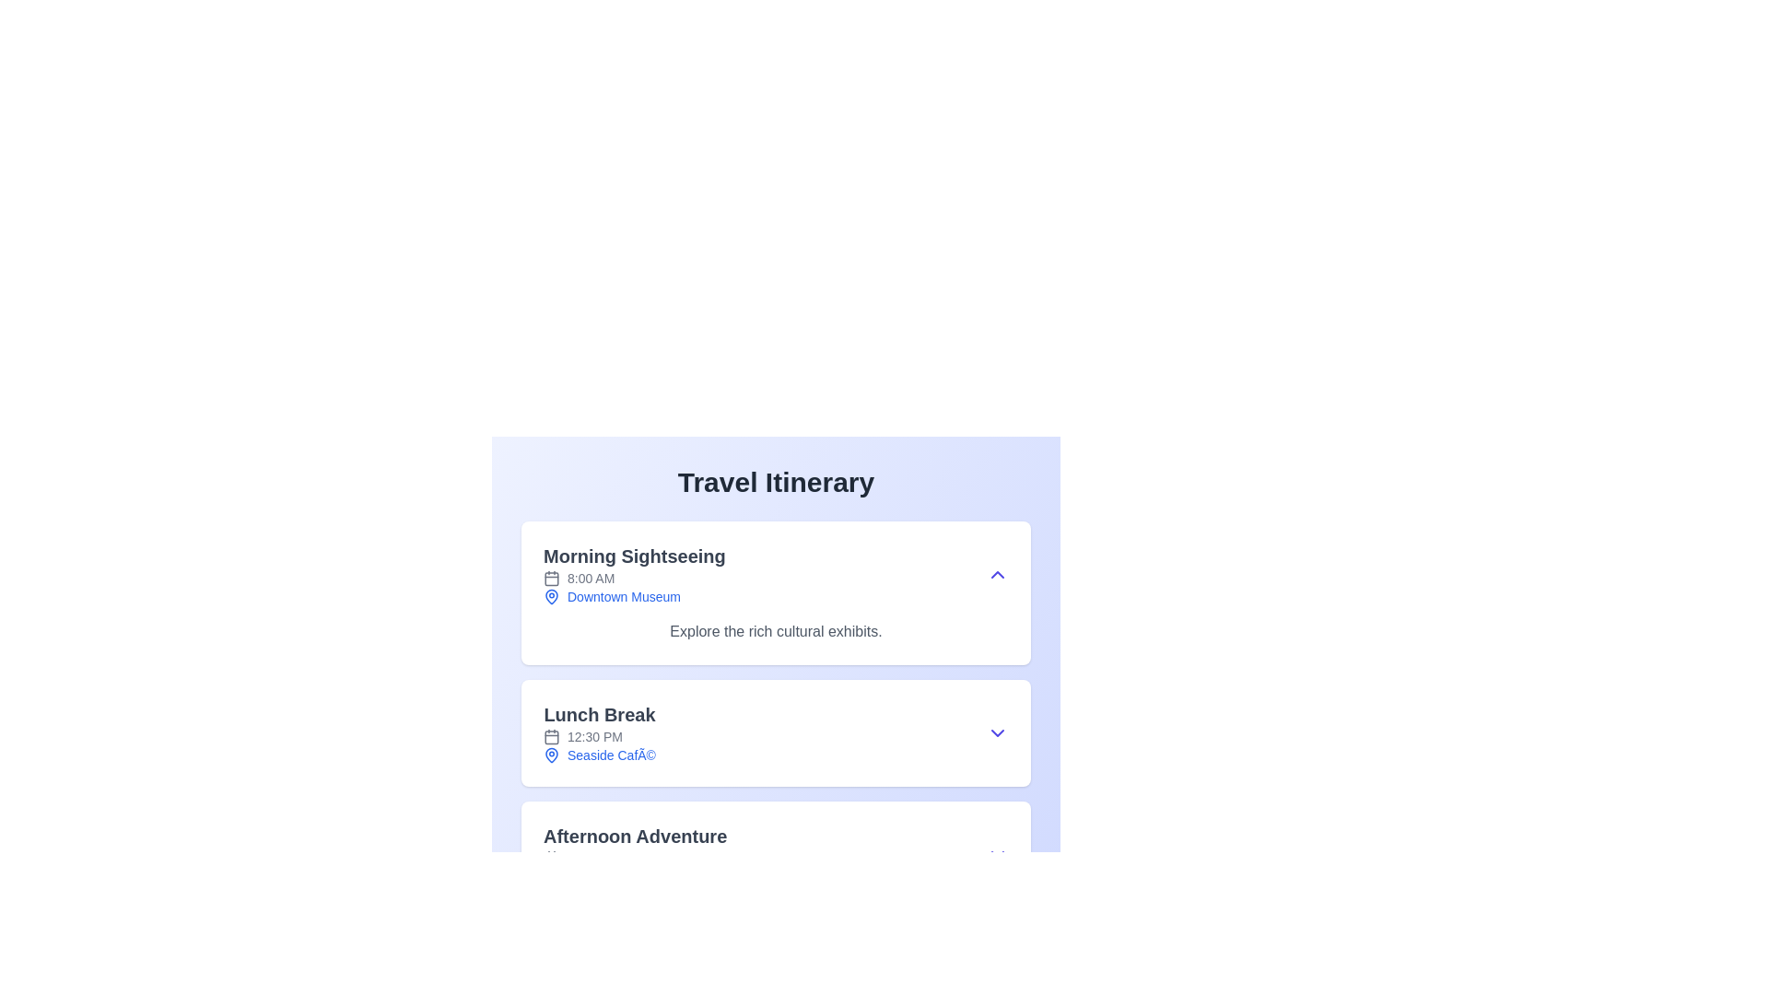 The width and height of the screenshot is (1769, 995). Describe the element at coordinates (997, 574) in the screenshot. I see `the chevron-up icon styled in indigo color located at the far-right of the 'Morning Sightseeing' section, aligned with the title` at that location.